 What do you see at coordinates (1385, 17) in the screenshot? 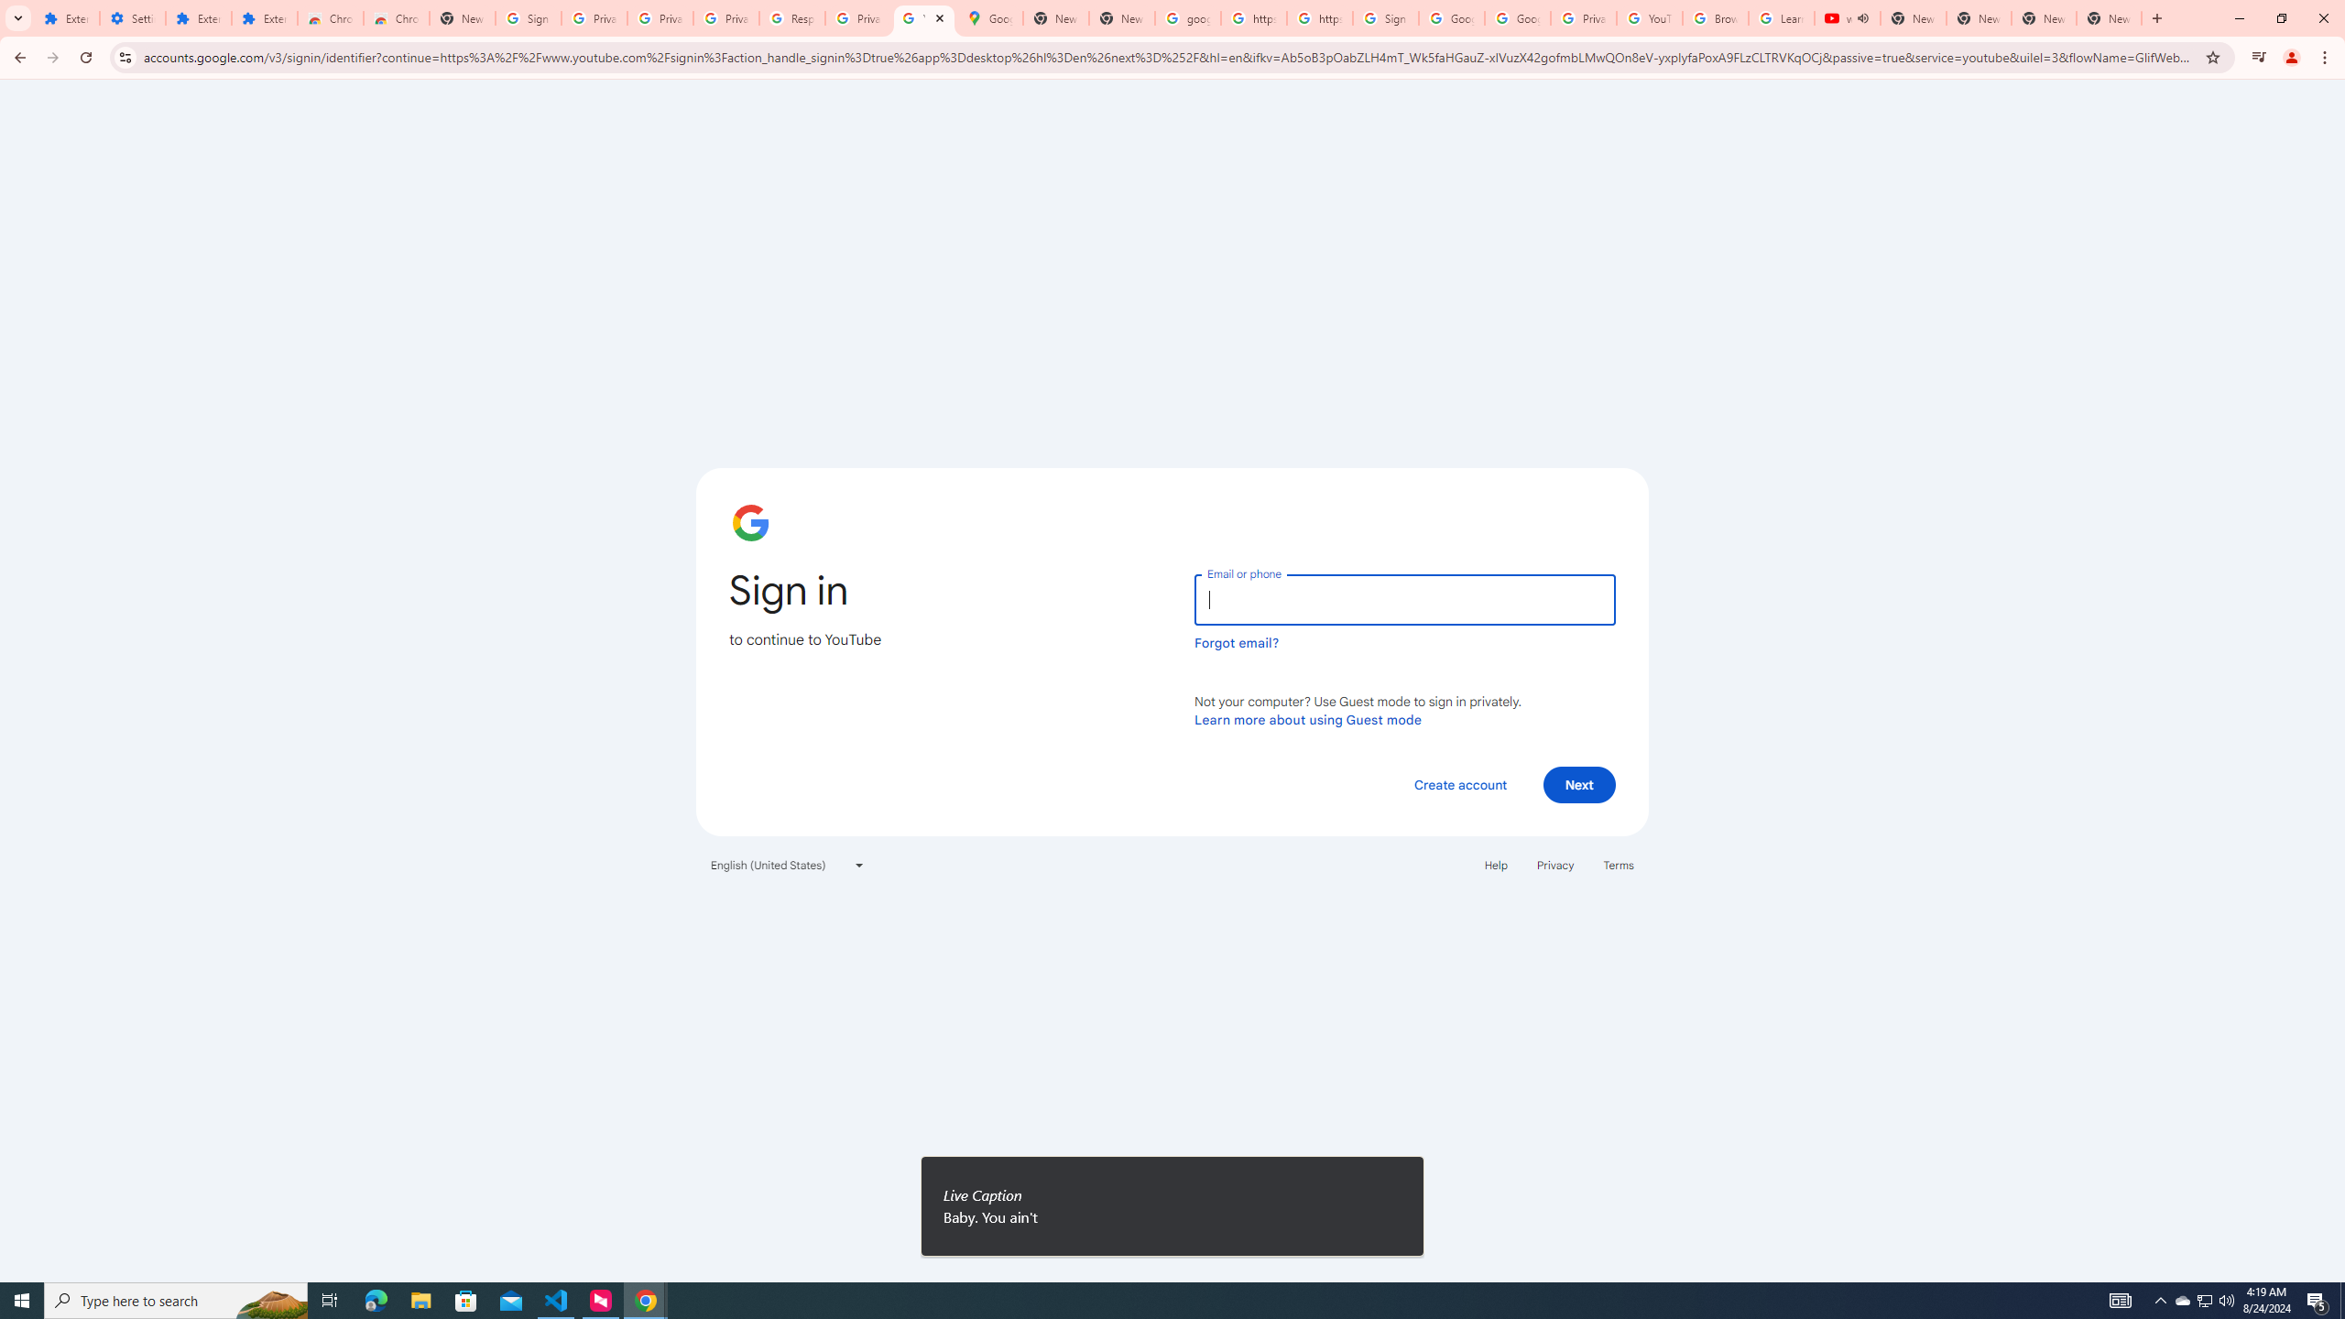
I see `'Sign in - Google Accounts'` at bounding box center [1385, 17].